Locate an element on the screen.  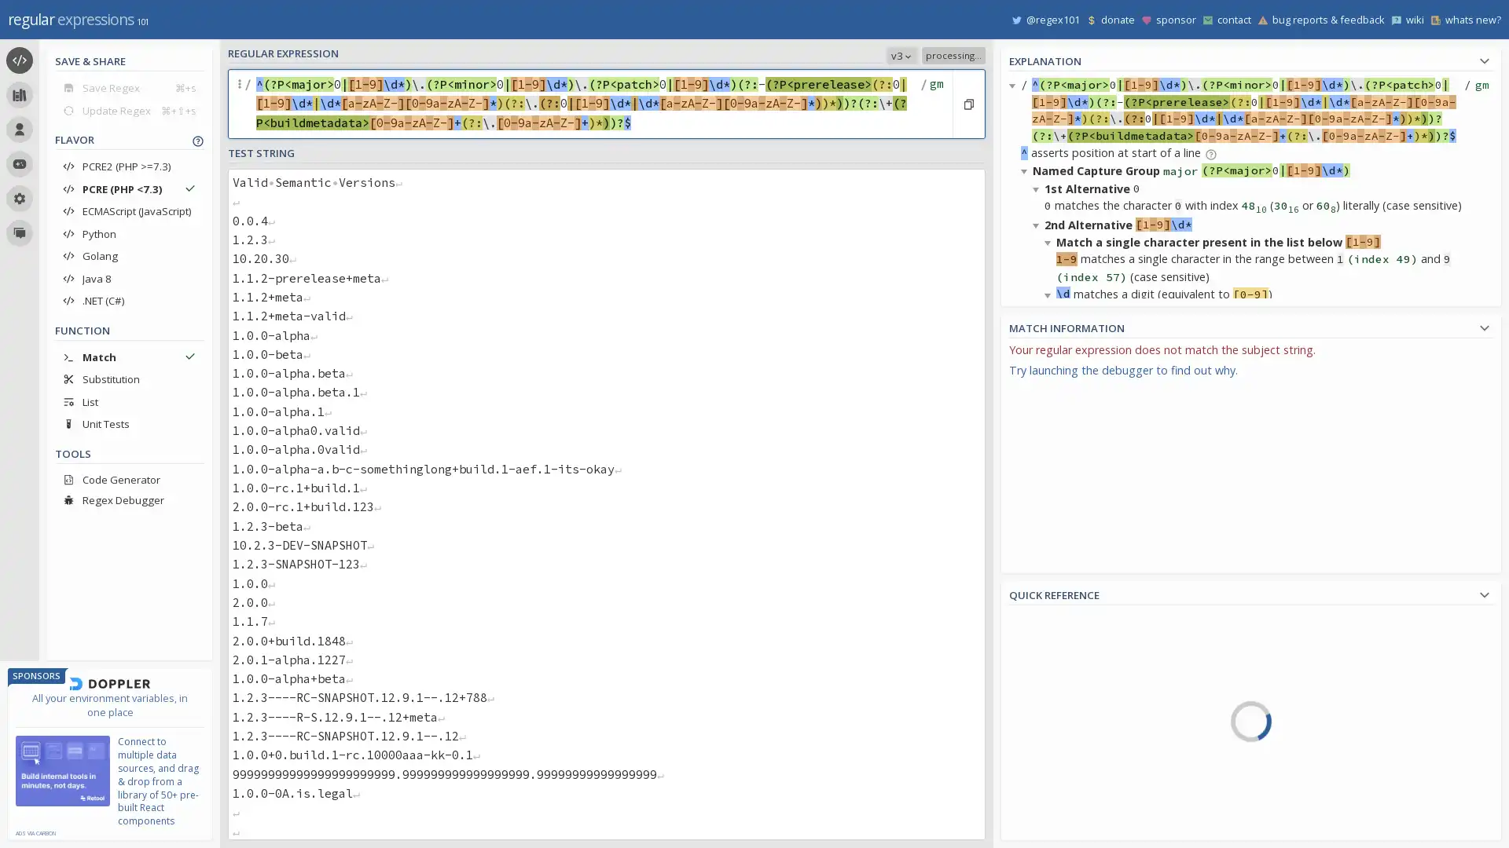
Group major is located at coordinates (1051, 647).